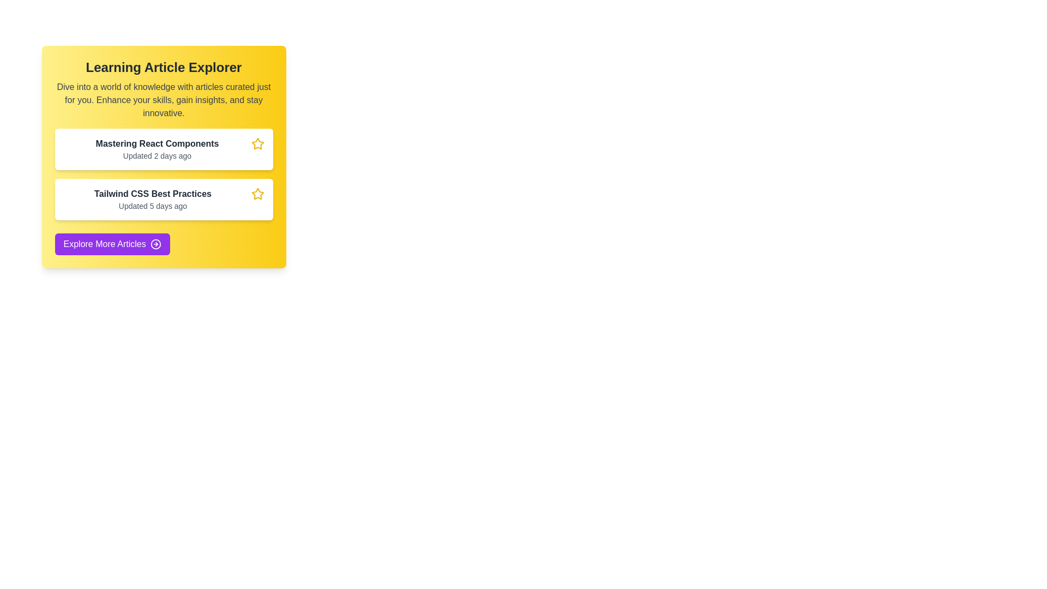 Image resolution: width=1047 pixels, height=589 pixels. Describe the element at coordinates (257, 193) in the screenshot. I see `the star-shaped icon with a yellow fill and black outline, located to the right of 'Mastering React Components' in the top list item of the yellow card component` at that location.